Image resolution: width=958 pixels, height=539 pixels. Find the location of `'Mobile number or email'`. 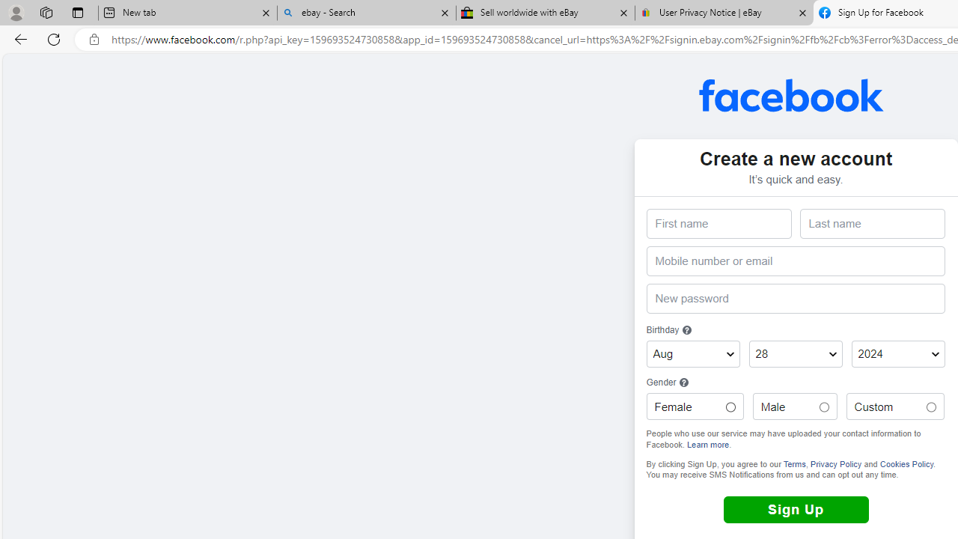

'Mobile number or email' is located at coordinates (795, 261).